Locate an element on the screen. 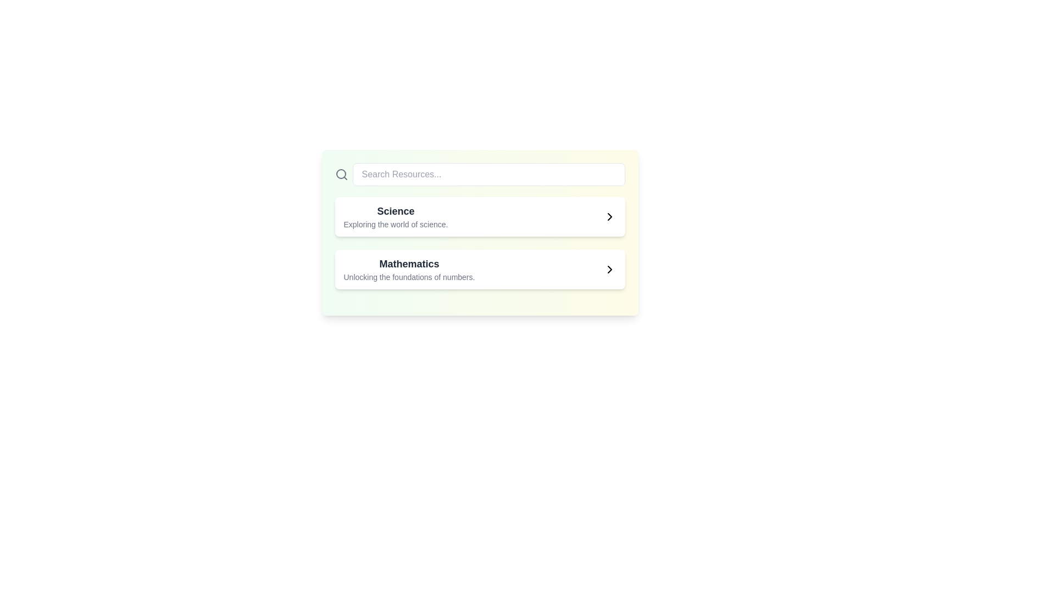  the chevron SVG icon pointing to the right is located at coordinates (609, 269).